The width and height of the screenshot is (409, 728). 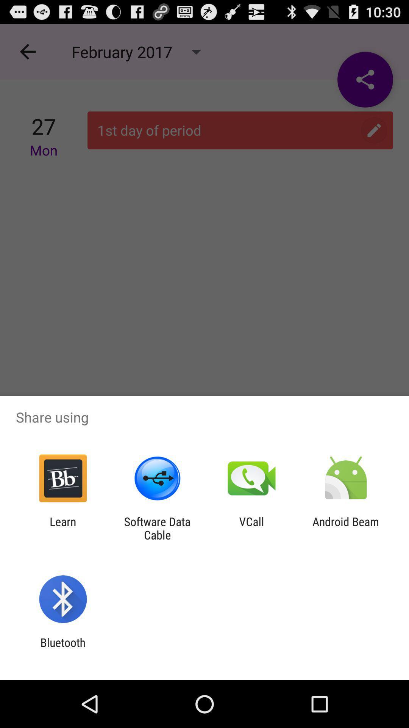 I want to click on app next to the android beam icon, so click(x=251, y=528).